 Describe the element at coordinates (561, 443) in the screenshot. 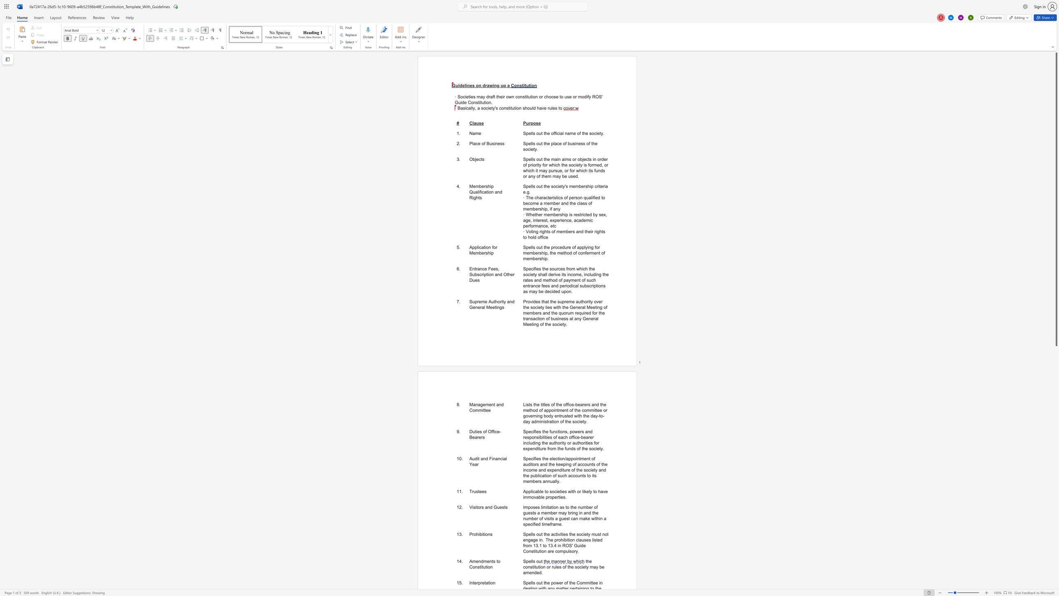

I see `the subset text "ity or authorities for expenditure from the funds of the" within the text "Specifies the functions, powers and responsibilities of each office-bearer including the authority or authorities for expenditure from the funds of the society."` at that location.